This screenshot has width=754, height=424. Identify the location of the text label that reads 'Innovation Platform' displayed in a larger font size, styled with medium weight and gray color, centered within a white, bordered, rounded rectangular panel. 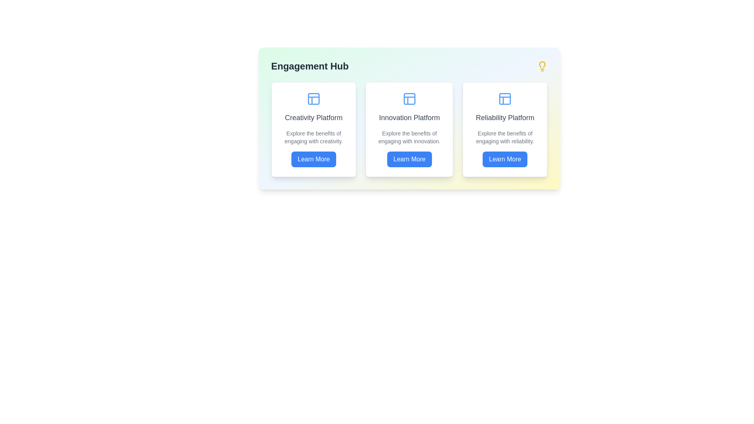
(409, 118).